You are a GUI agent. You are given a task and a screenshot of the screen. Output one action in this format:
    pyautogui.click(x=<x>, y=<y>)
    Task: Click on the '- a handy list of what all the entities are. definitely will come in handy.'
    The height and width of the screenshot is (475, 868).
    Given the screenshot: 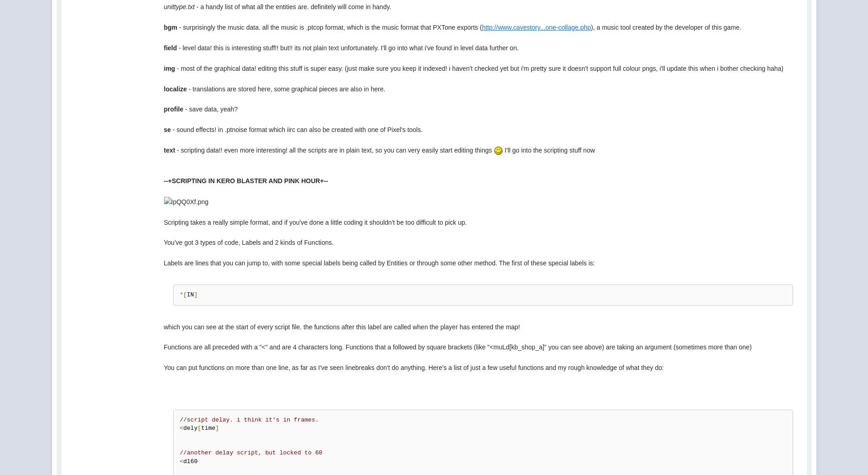 What is the action you would take?
    pyautogui.click(x=293, y=6)
    